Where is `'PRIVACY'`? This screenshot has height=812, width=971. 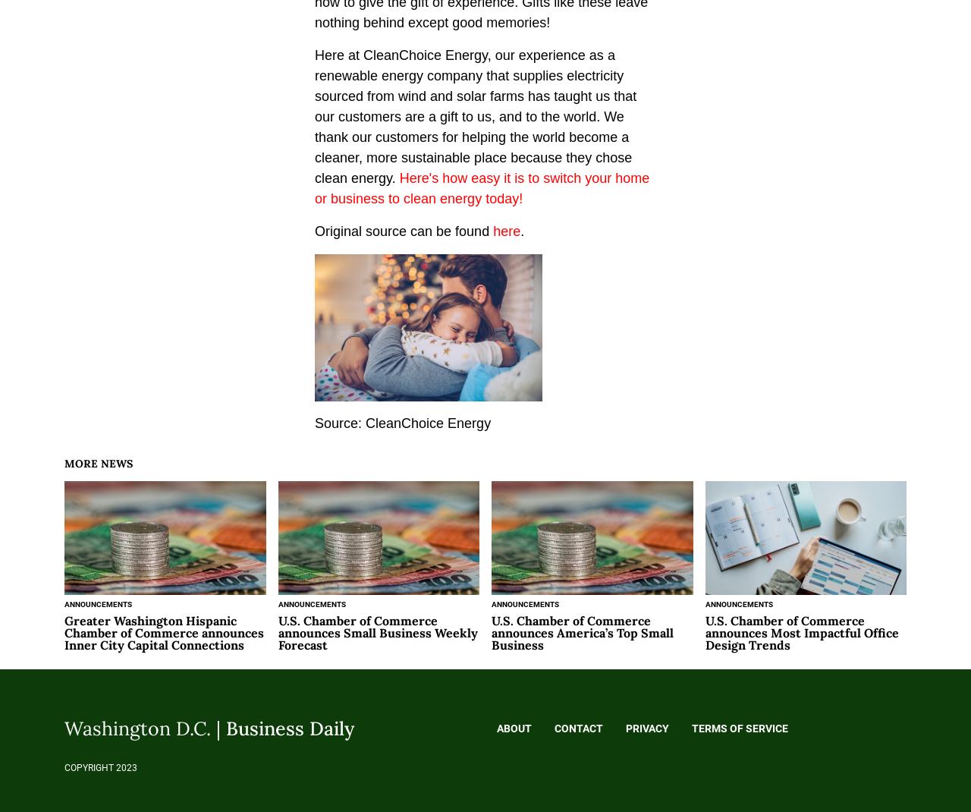
'PRIVACY' is located at coordinates (647, 728).